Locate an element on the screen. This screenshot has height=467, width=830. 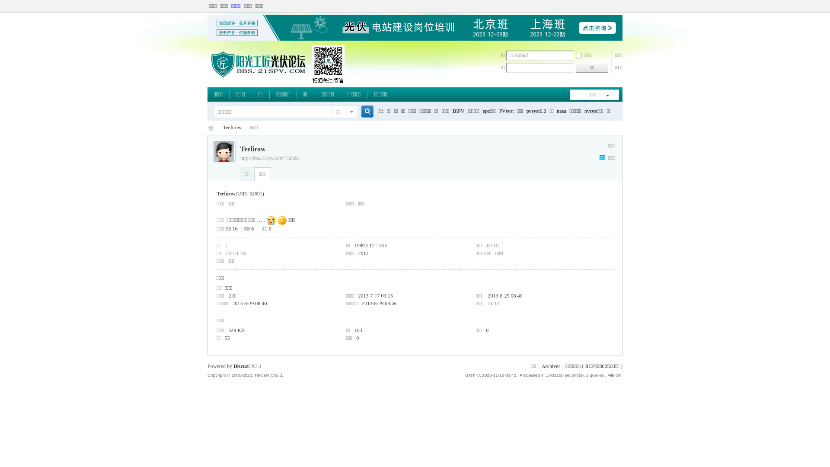
'PVsyst' is located at coordinates (506, 111).